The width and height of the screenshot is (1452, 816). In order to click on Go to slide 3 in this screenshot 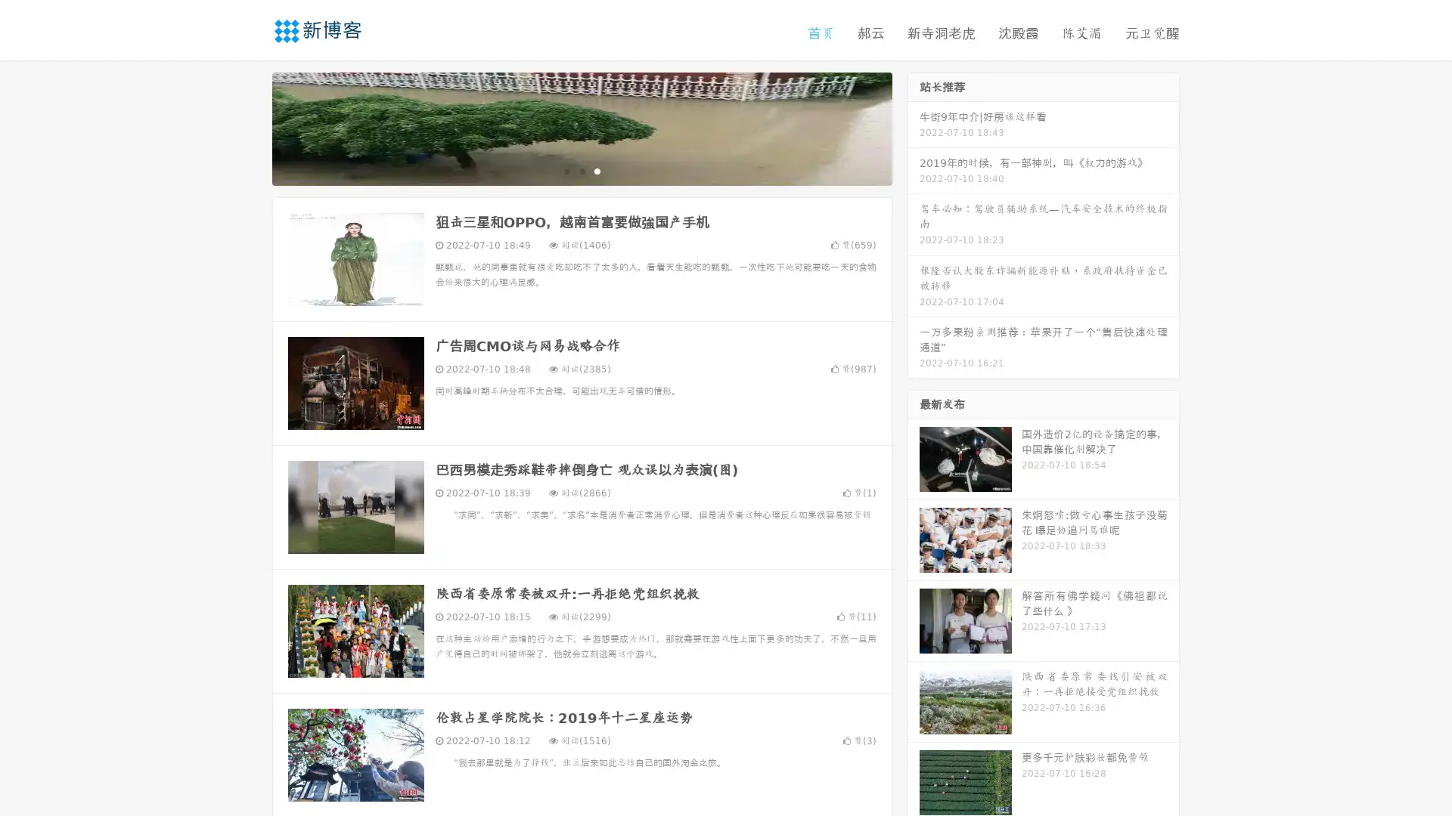, I will do `click(597, 170)`.